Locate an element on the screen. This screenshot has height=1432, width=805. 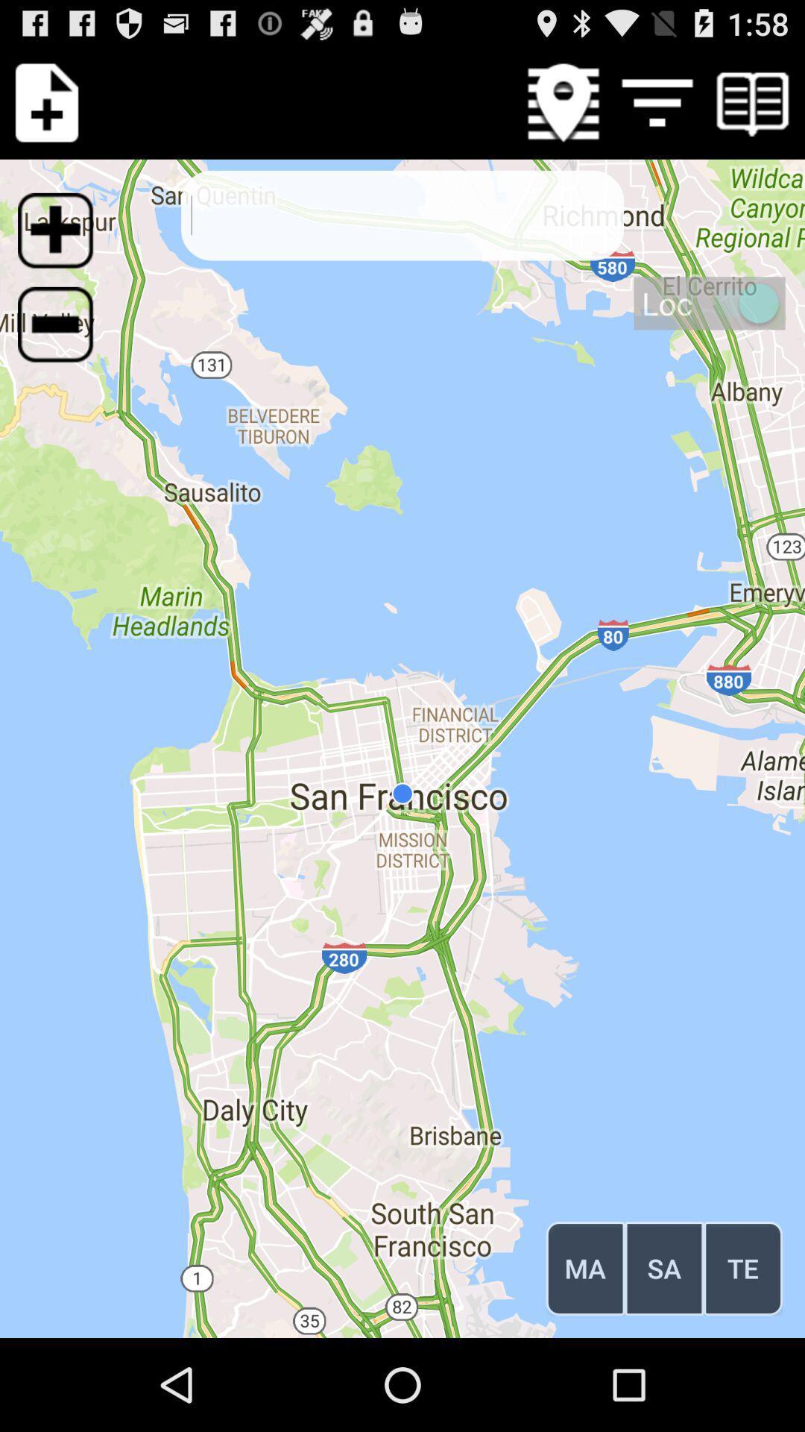
the te item is located at coordinates (743, 1267).